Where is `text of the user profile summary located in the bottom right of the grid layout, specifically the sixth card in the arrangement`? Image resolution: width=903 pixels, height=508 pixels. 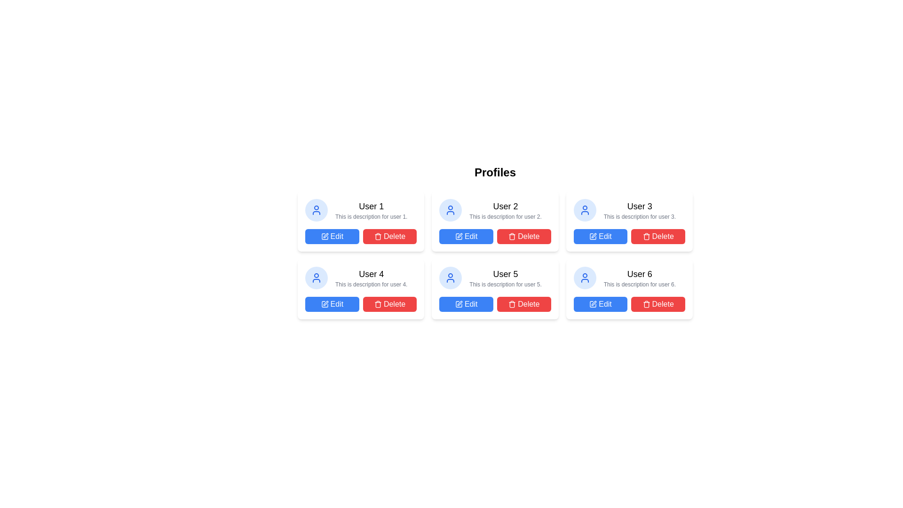 text of the user profile summary located in the bottom right of the grid layout, specifically the sixth card in the arrangement is located at coordinates (629, 277).